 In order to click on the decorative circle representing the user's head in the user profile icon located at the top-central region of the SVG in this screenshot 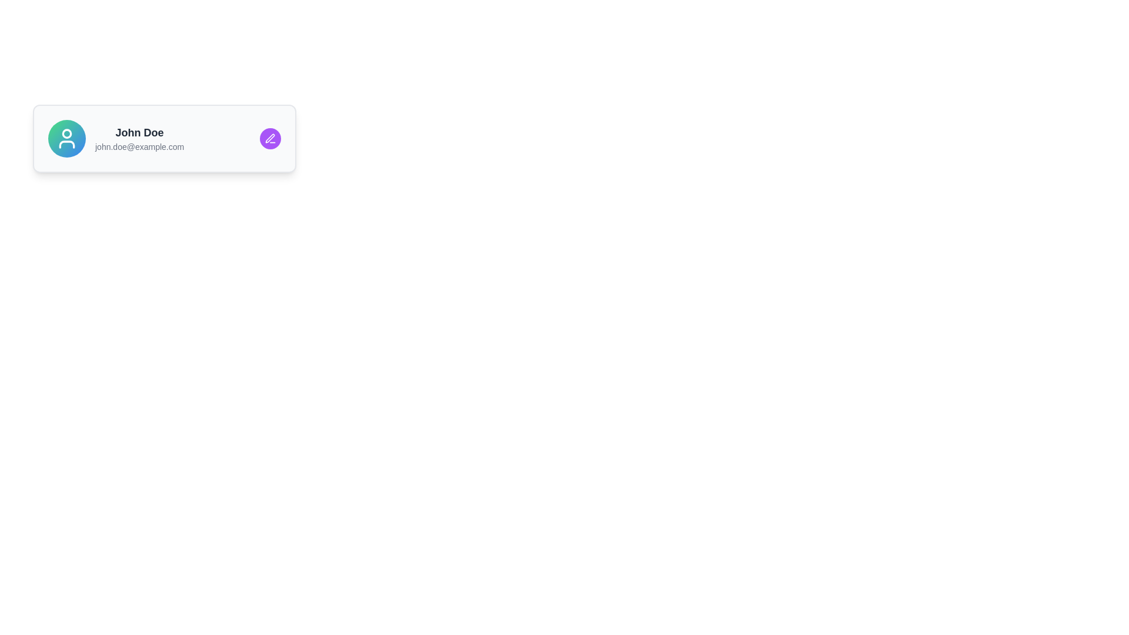, I will do `click(66, 133)`.